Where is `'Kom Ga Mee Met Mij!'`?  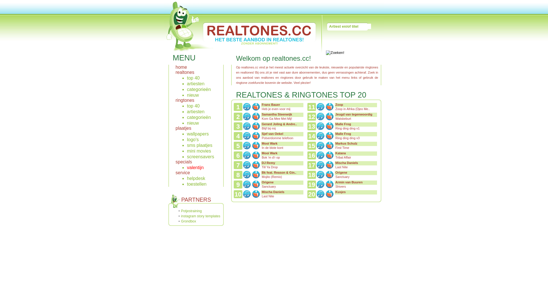
'Kom Ga Mee Met Mij!' is located at coordinates (277, 118).